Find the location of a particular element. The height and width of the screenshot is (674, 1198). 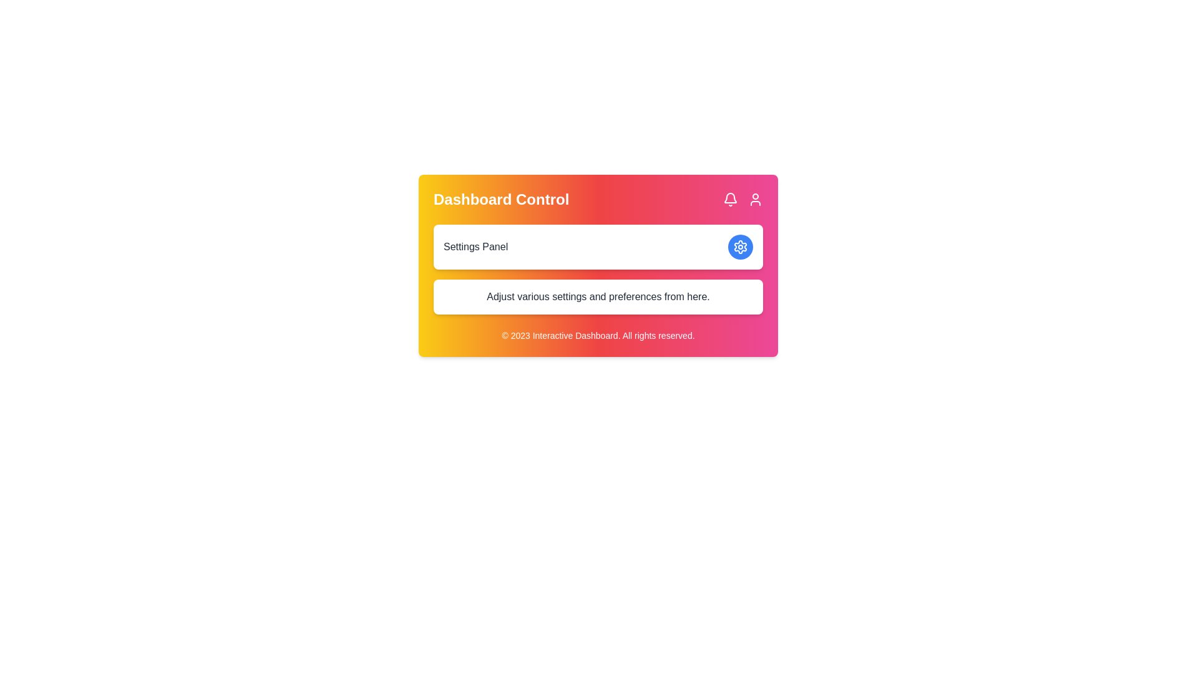

the vibrant gradient-styled panel titled 'Dashboard Control', which features a gear icon in the 'Settings Panel' section is located at coordinates (598, 265).